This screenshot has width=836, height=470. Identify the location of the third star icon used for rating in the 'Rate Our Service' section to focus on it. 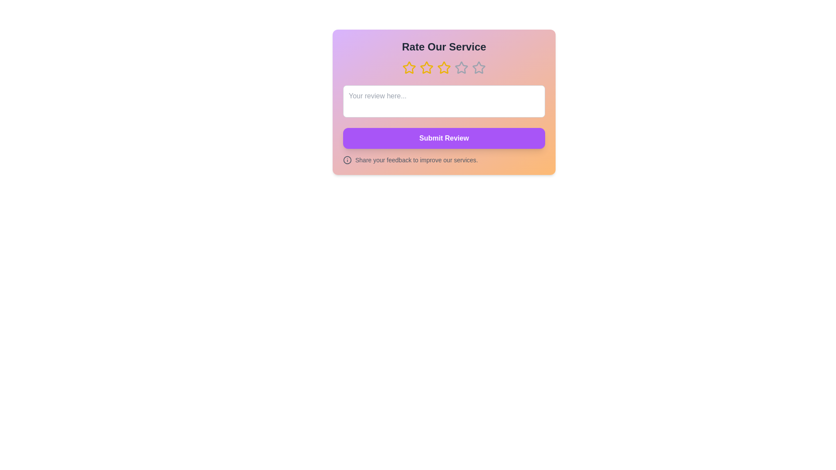
(444, 67).